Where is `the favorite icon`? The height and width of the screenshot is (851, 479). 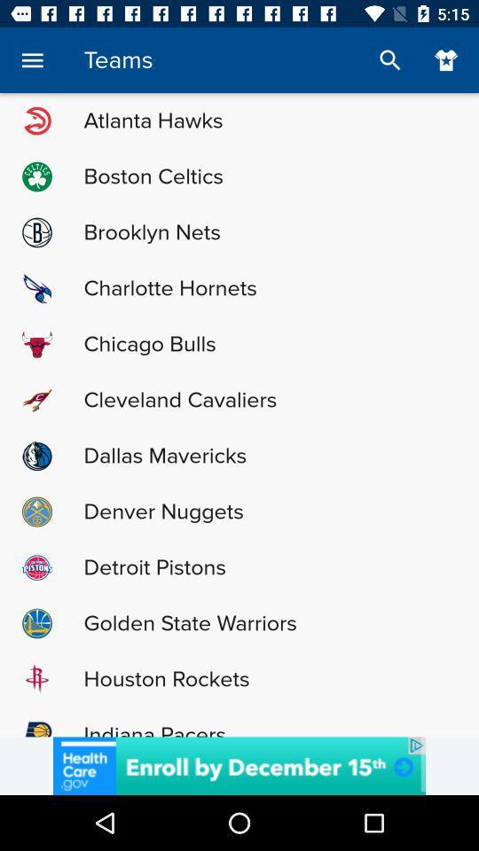
the favorite icon is located at coordinates (445, 60).